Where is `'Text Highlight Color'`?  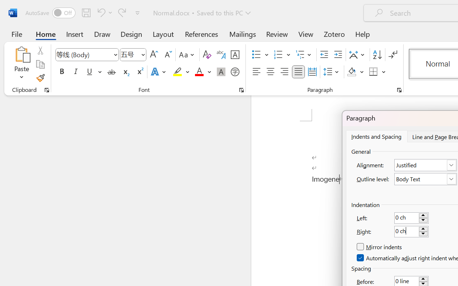 'Text Highlight Color' is located at coordinates (181, 72).